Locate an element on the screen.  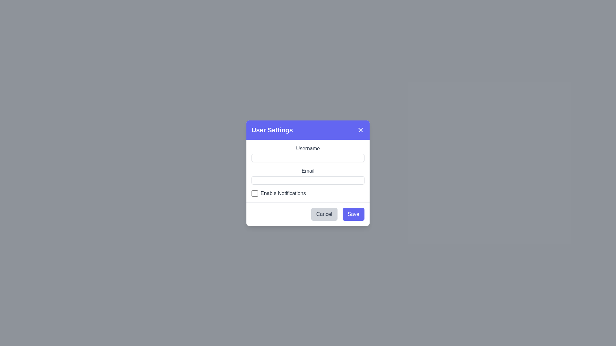
text label displaying 'Username' which is styled in gray and positioned above the input field in the 'User Settings' modal is located at coordinates (308, 148).